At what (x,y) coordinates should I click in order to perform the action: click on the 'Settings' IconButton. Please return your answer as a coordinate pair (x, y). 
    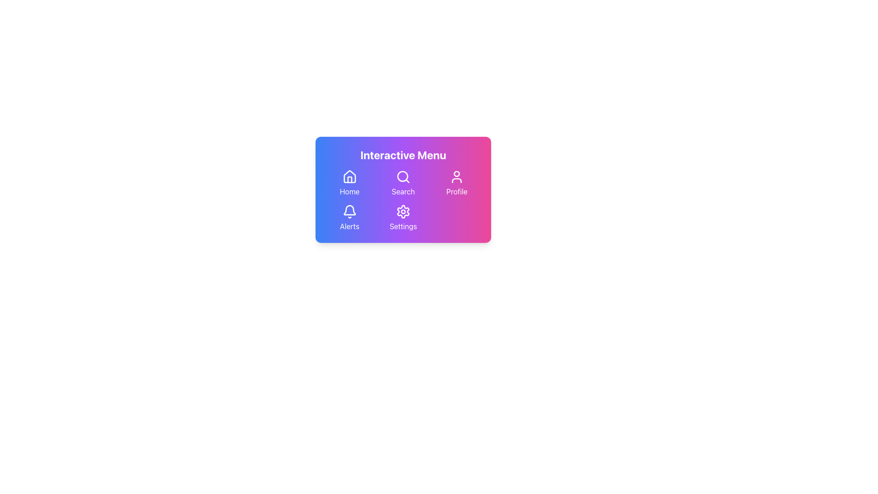
    Looking at the image, I should click on (403, 211).